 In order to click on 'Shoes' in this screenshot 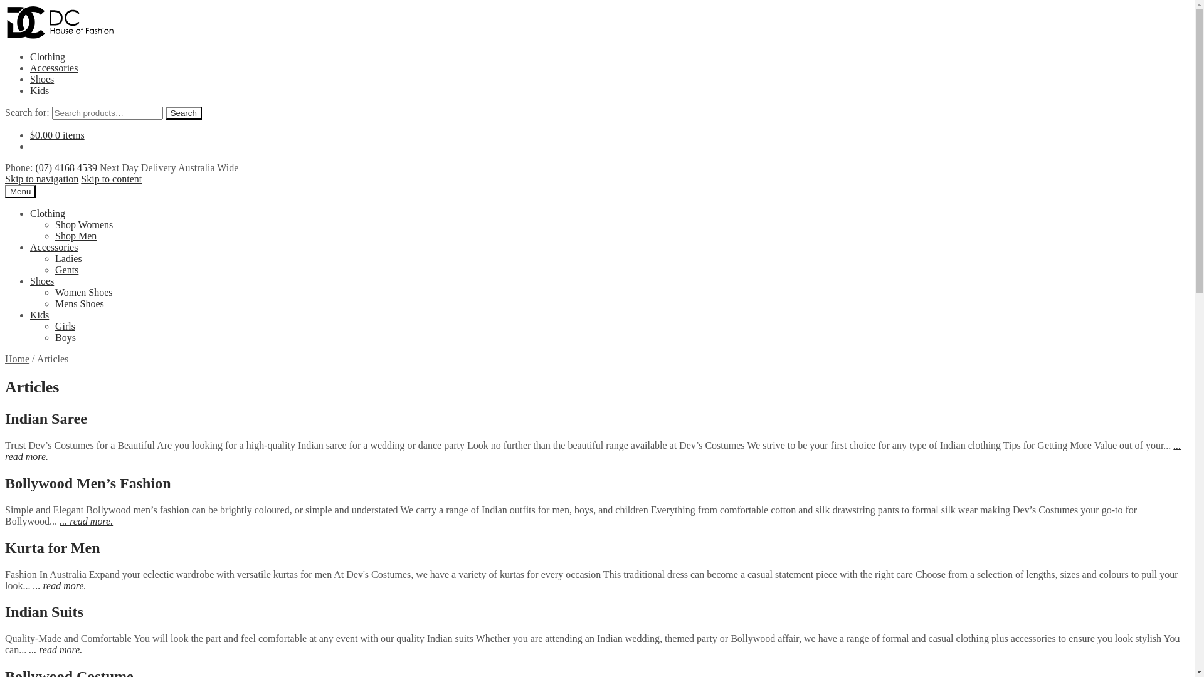, I will do `click(42, 280)`.